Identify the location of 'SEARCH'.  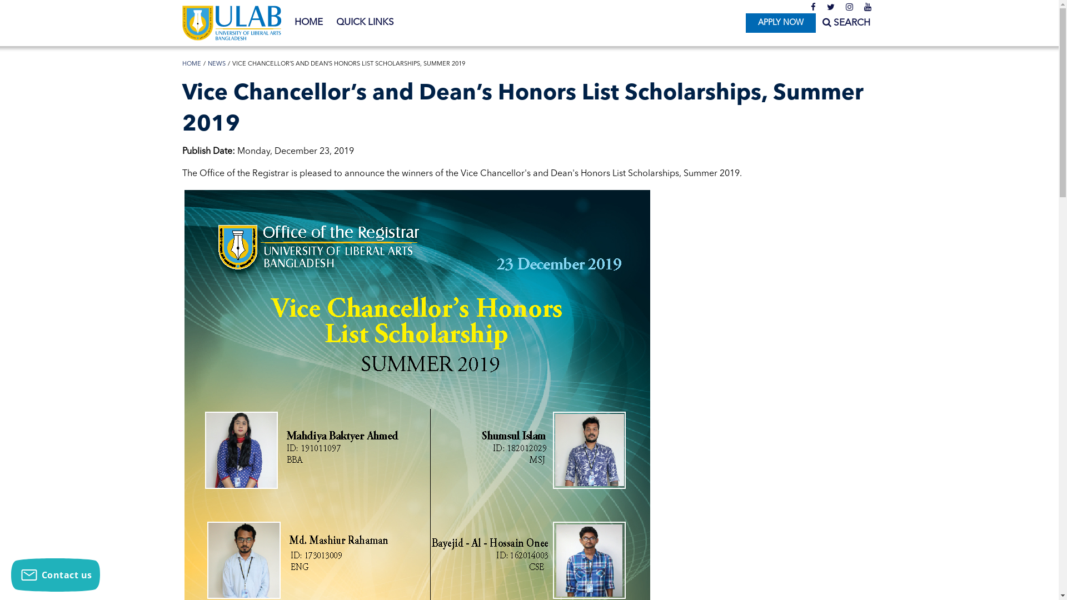
(845, 23).